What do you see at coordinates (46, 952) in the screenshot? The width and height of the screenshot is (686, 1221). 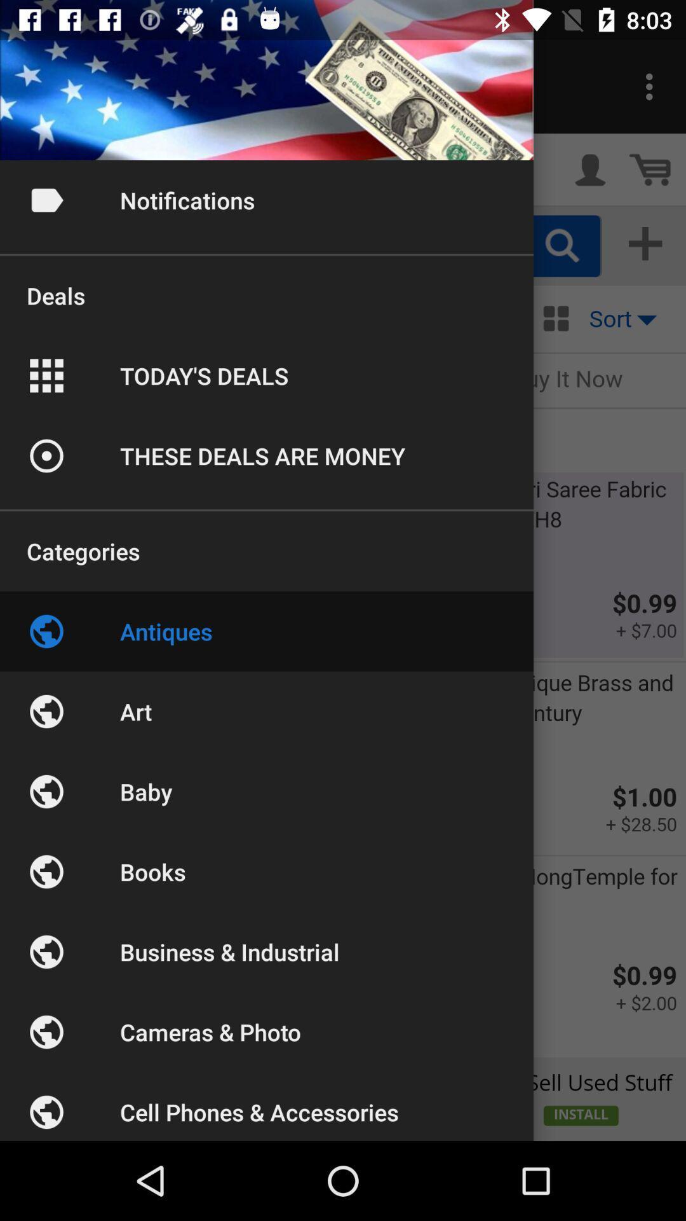 I see `the icon left to business  industrial` at bounding box center [46, 952].